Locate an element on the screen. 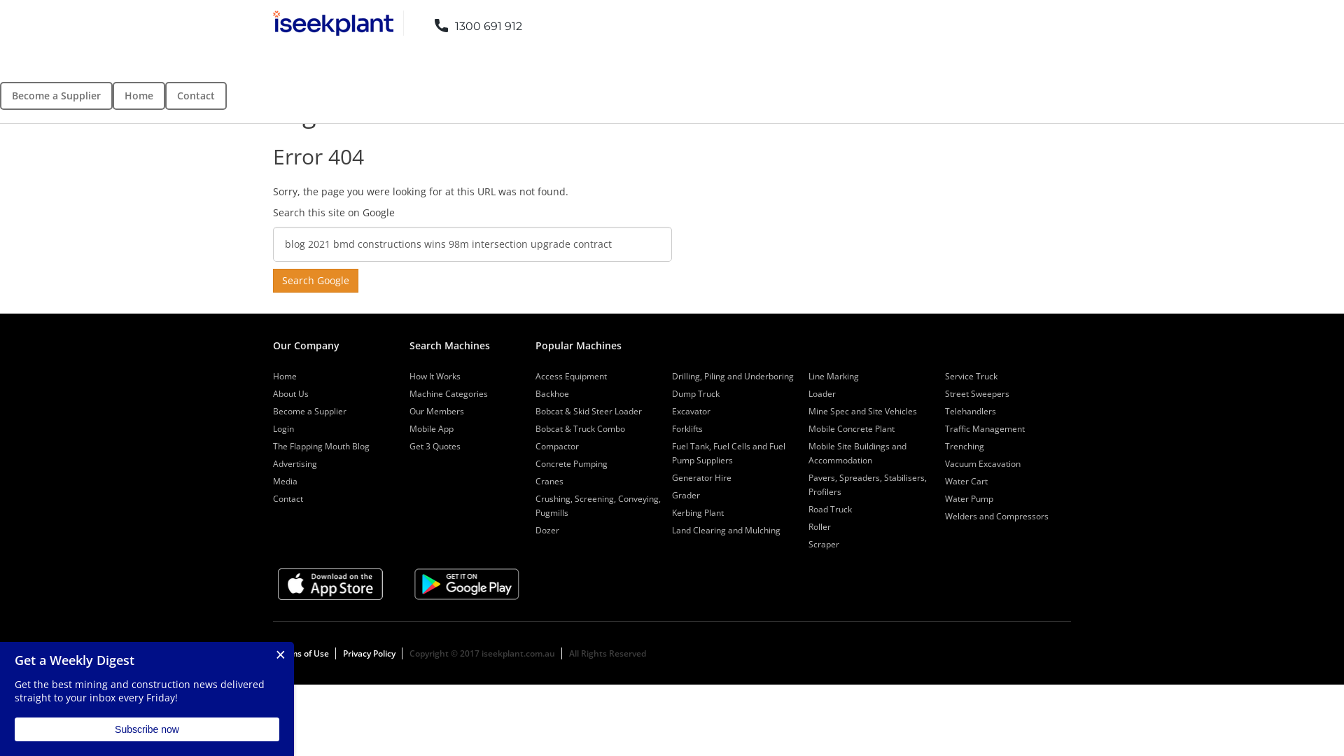 The height and width of the screenshot is (756, 1344). 'Vacuum Excavation' is located at coordinates (981, 463).